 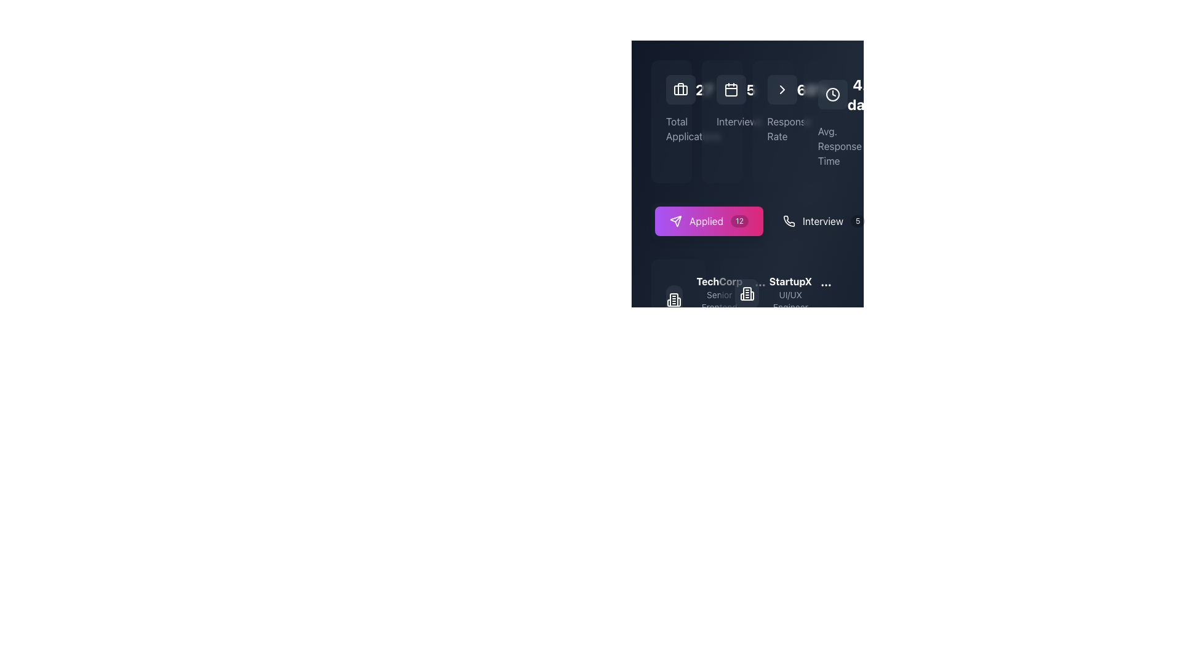 I want to click on the informational display containing the location 'San Francisco, CA', the salary range '$120k - $150k', and the status 'Under Review', located above the 'View Profile' button, so click(x=678, y=407).